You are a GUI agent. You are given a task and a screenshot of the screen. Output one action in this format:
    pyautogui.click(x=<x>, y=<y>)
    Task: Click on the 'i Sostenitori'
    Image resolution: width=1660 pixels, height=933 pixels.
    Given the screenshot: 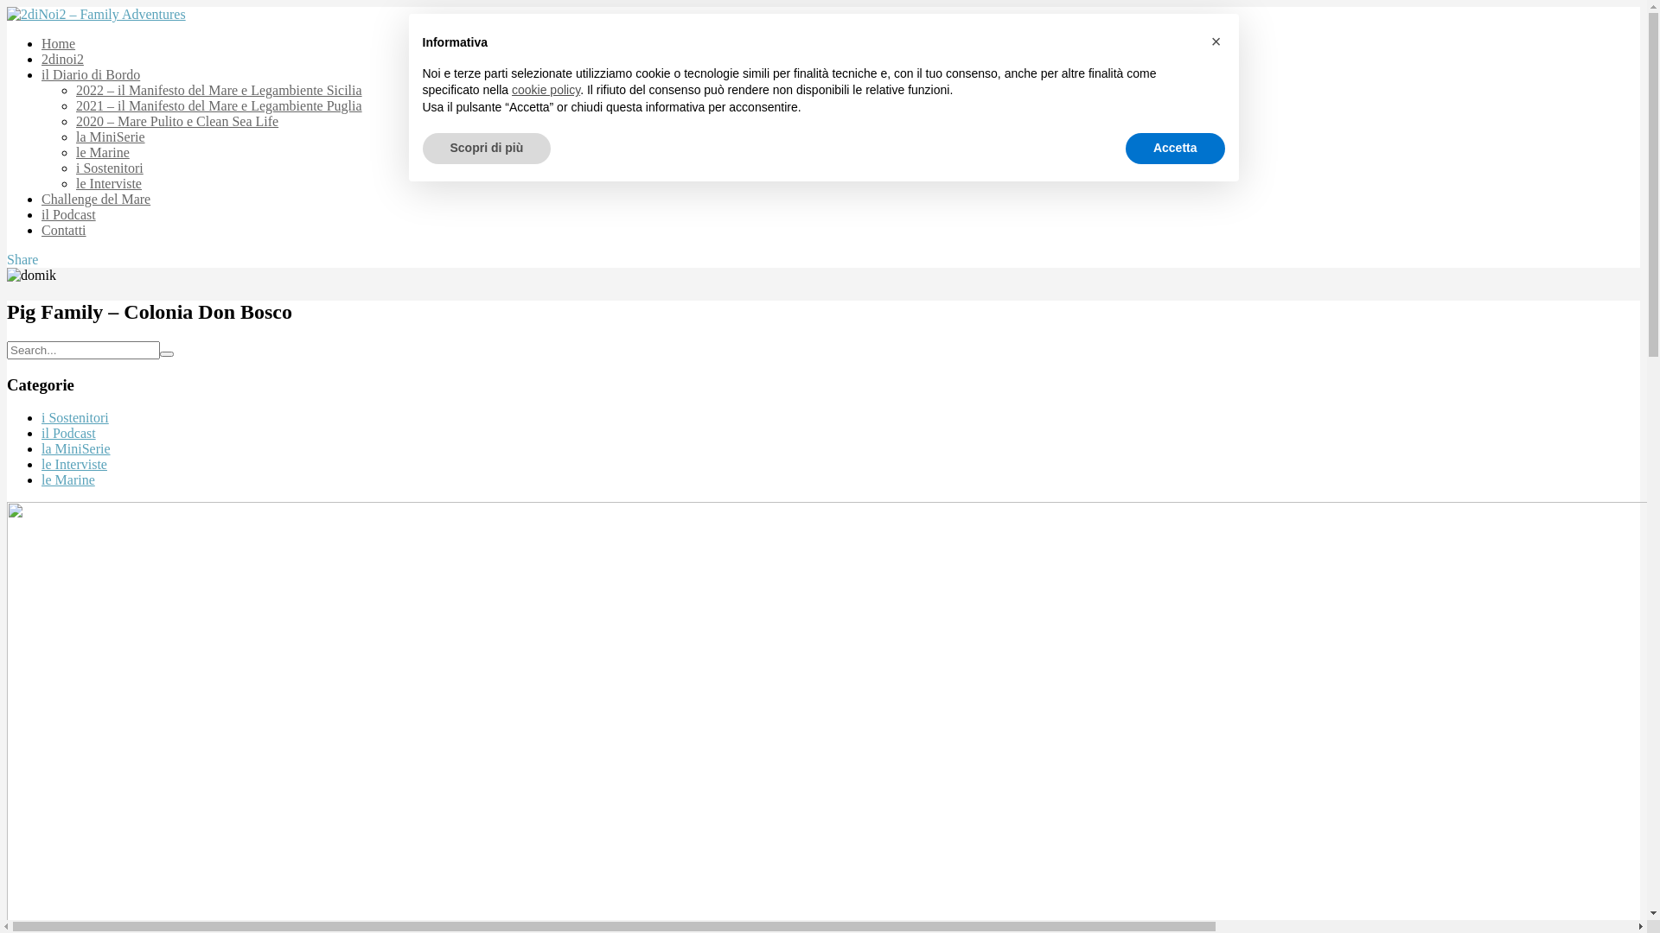 What is the action you would take?
    pyautogui.click(x=73, y=417)
    